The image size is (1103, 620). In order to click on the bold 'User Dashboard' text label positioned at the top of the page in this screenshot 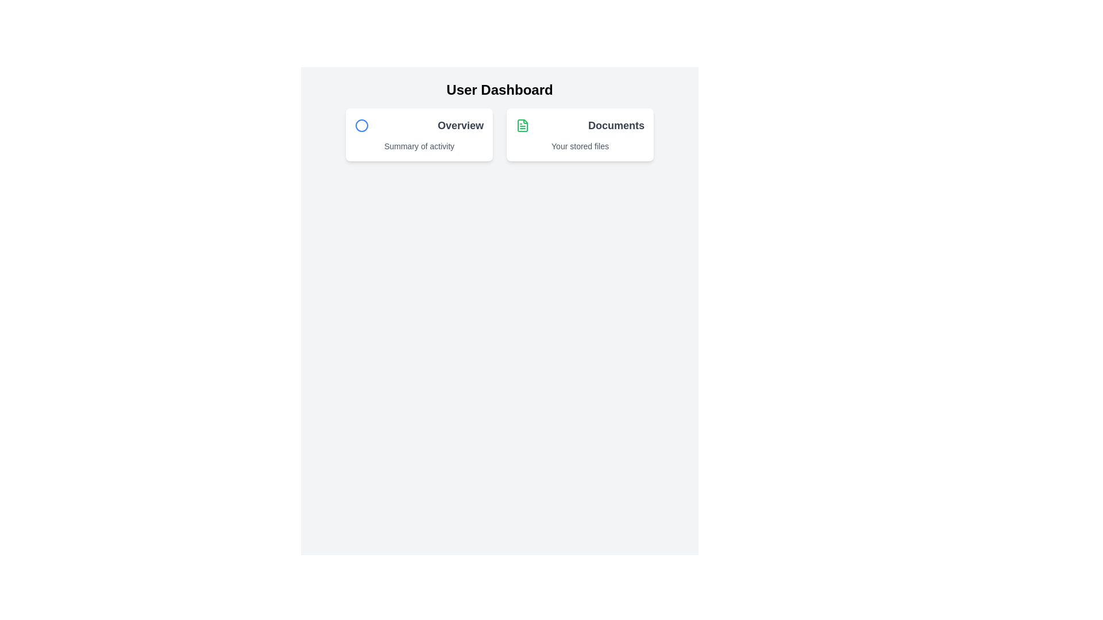, I will do `click(499, 90)`.